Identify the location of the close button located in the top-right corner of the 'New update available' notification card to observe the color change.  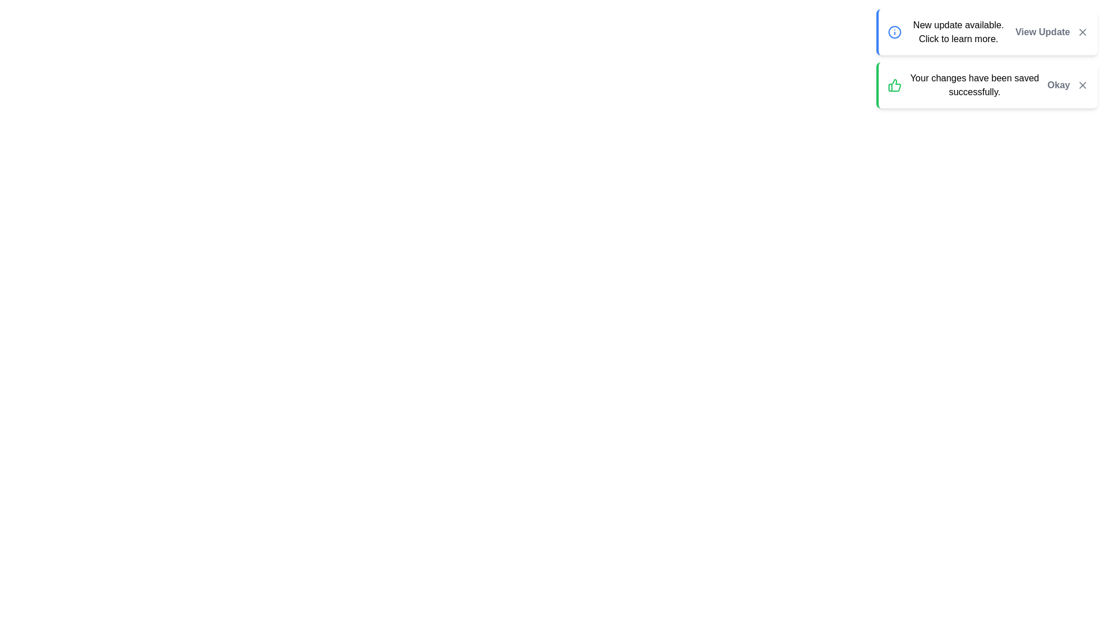
(1082, 32).